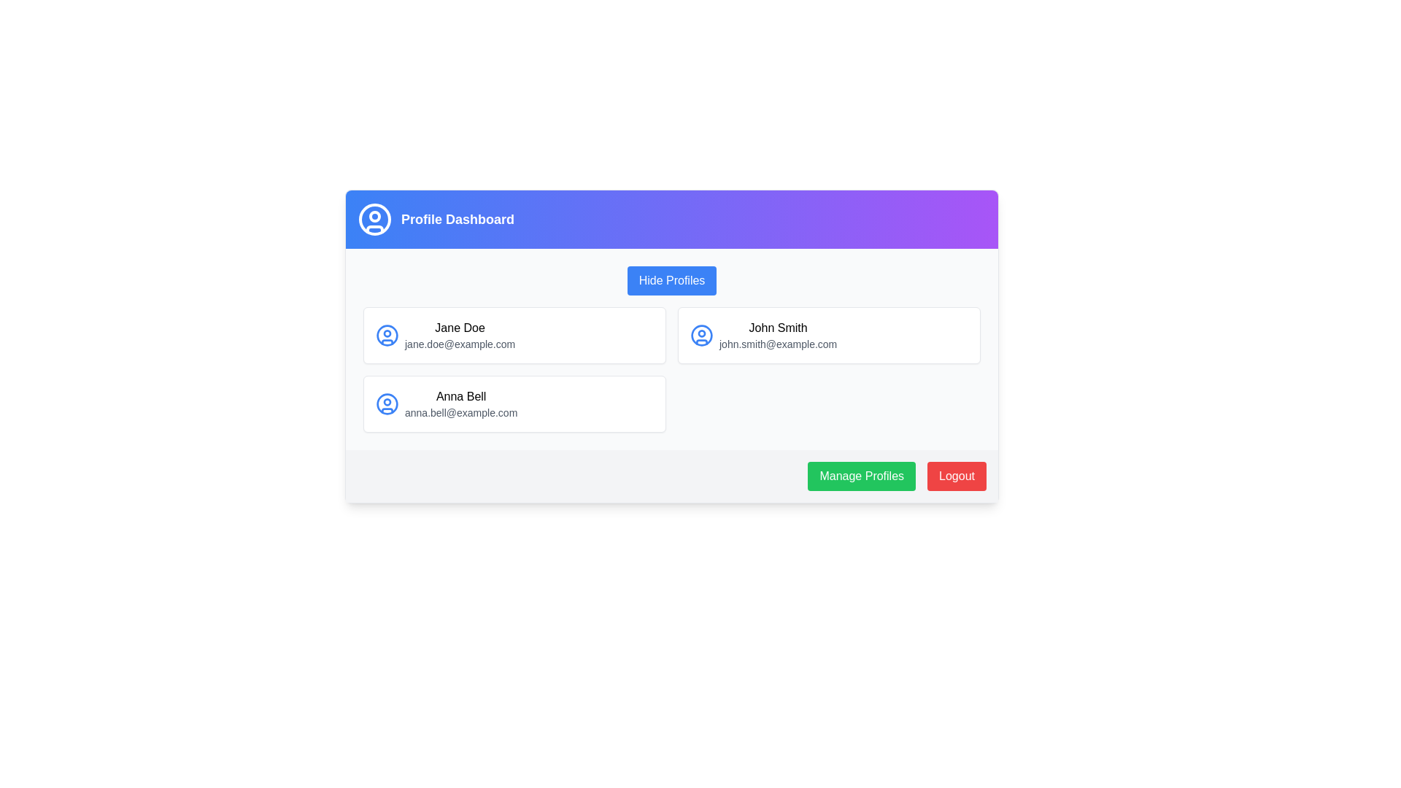  What do you see at coordinates (829, 335) in the screenshot?
I see `the Information Card displaying user profile information for John Smith, which is the second card in the grid layout` at bounding box center [829, 335].